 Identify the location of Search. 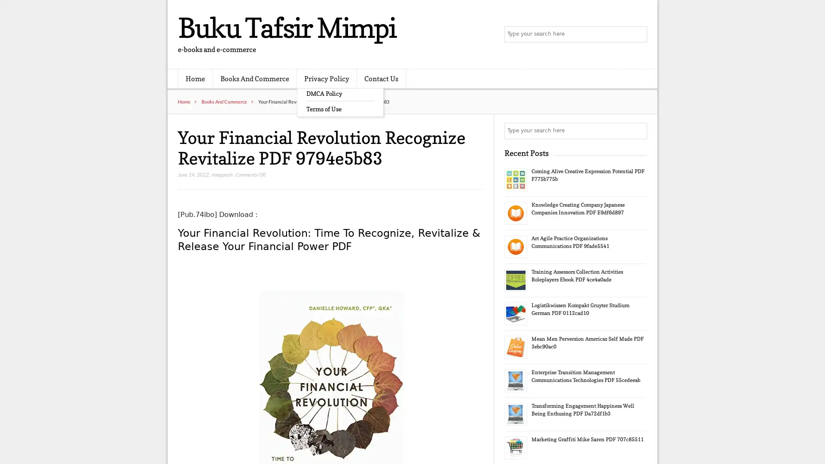
(638, 34).